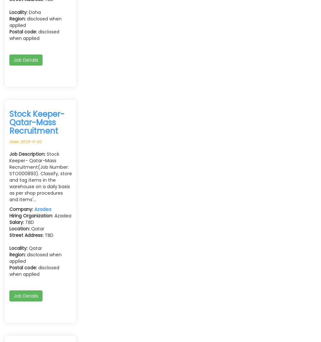 Image resolution: width=321 pixels, height=342 pixels. What do you see at coordinates (42, 209) in the screenshot?
I see `'Azadea'` at bounding box center [42, 209].